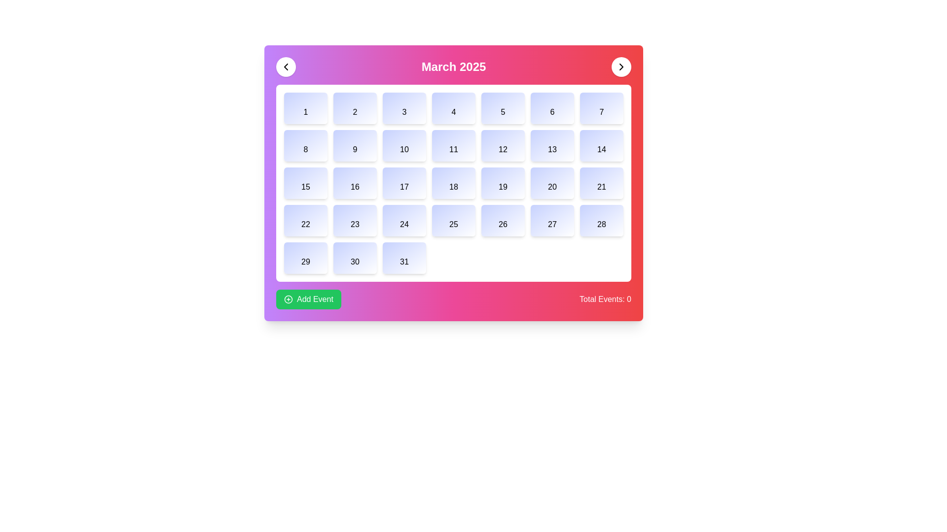 The height and width of the screenshot is (532, 947). What do you see at coordinates (355, 146) in the screenshot?
I see `the button that represents the ninth day of the month in the calendar layout, located in the second row and second column` at bounding box center [355, 146].